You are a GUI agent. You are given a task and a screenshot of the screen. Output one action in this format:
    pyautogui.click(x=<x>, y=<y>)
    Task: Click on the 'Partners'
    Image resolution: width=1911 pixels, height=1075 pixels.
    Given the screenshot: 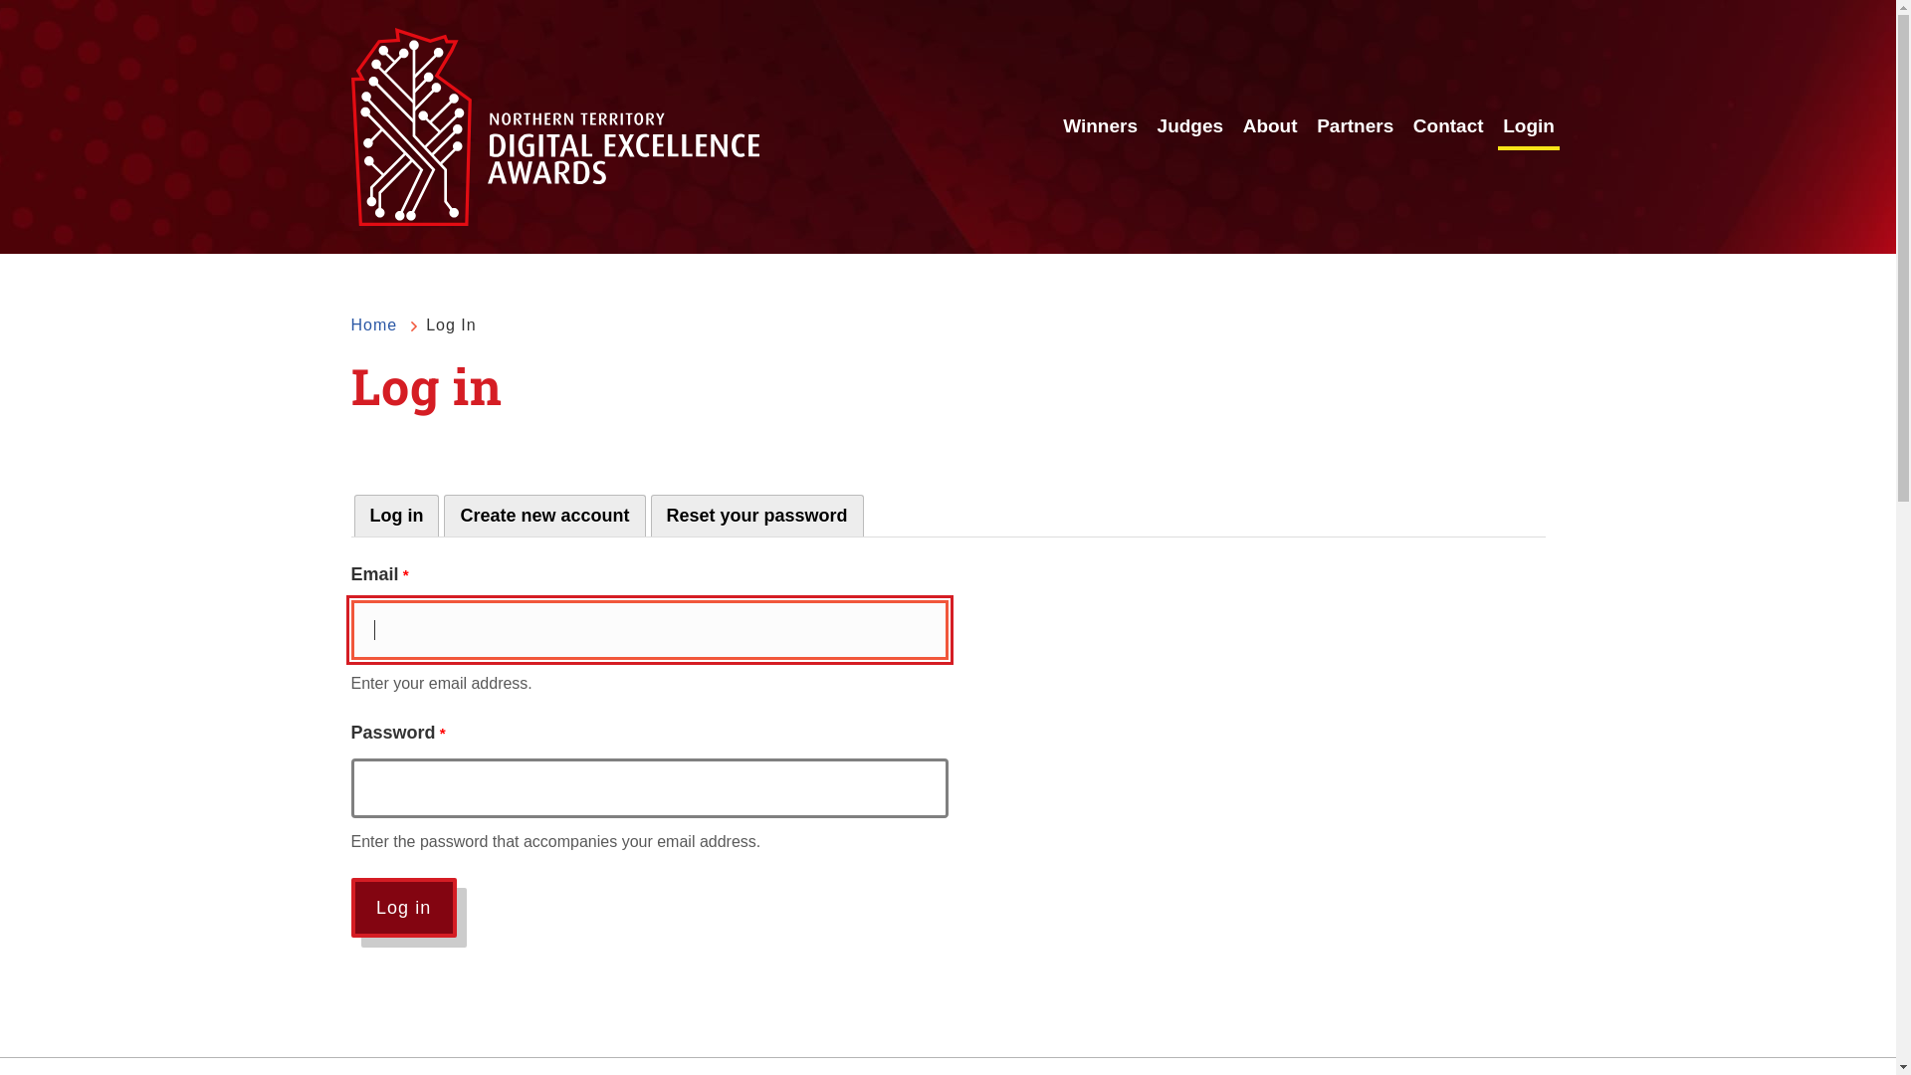 What is the action you would take?
    pyautogui.click(x=1354, y=126)
    